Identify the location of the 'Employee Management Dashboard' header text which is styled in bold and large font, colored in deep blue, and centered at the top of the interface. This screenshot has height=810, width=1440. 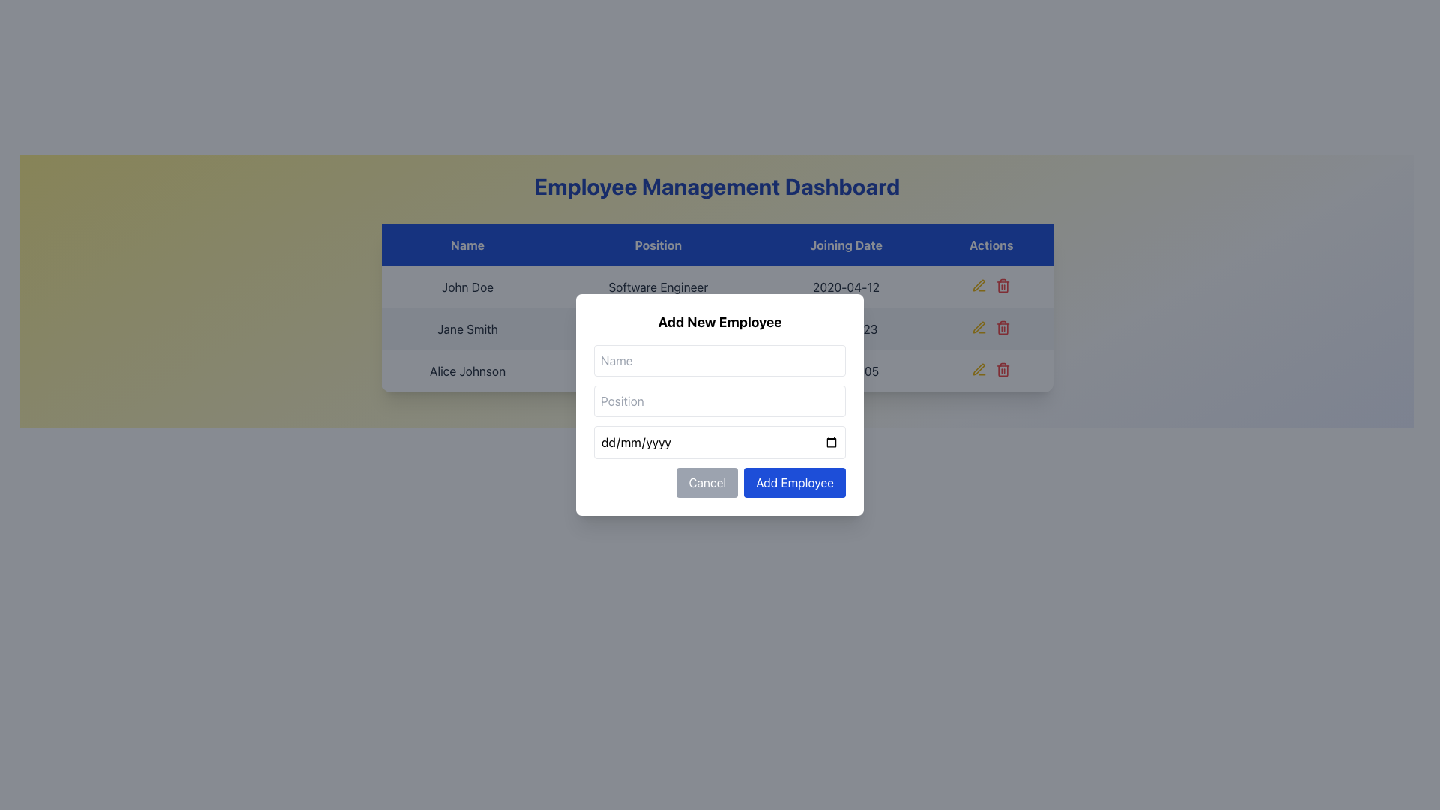
(716, 186).